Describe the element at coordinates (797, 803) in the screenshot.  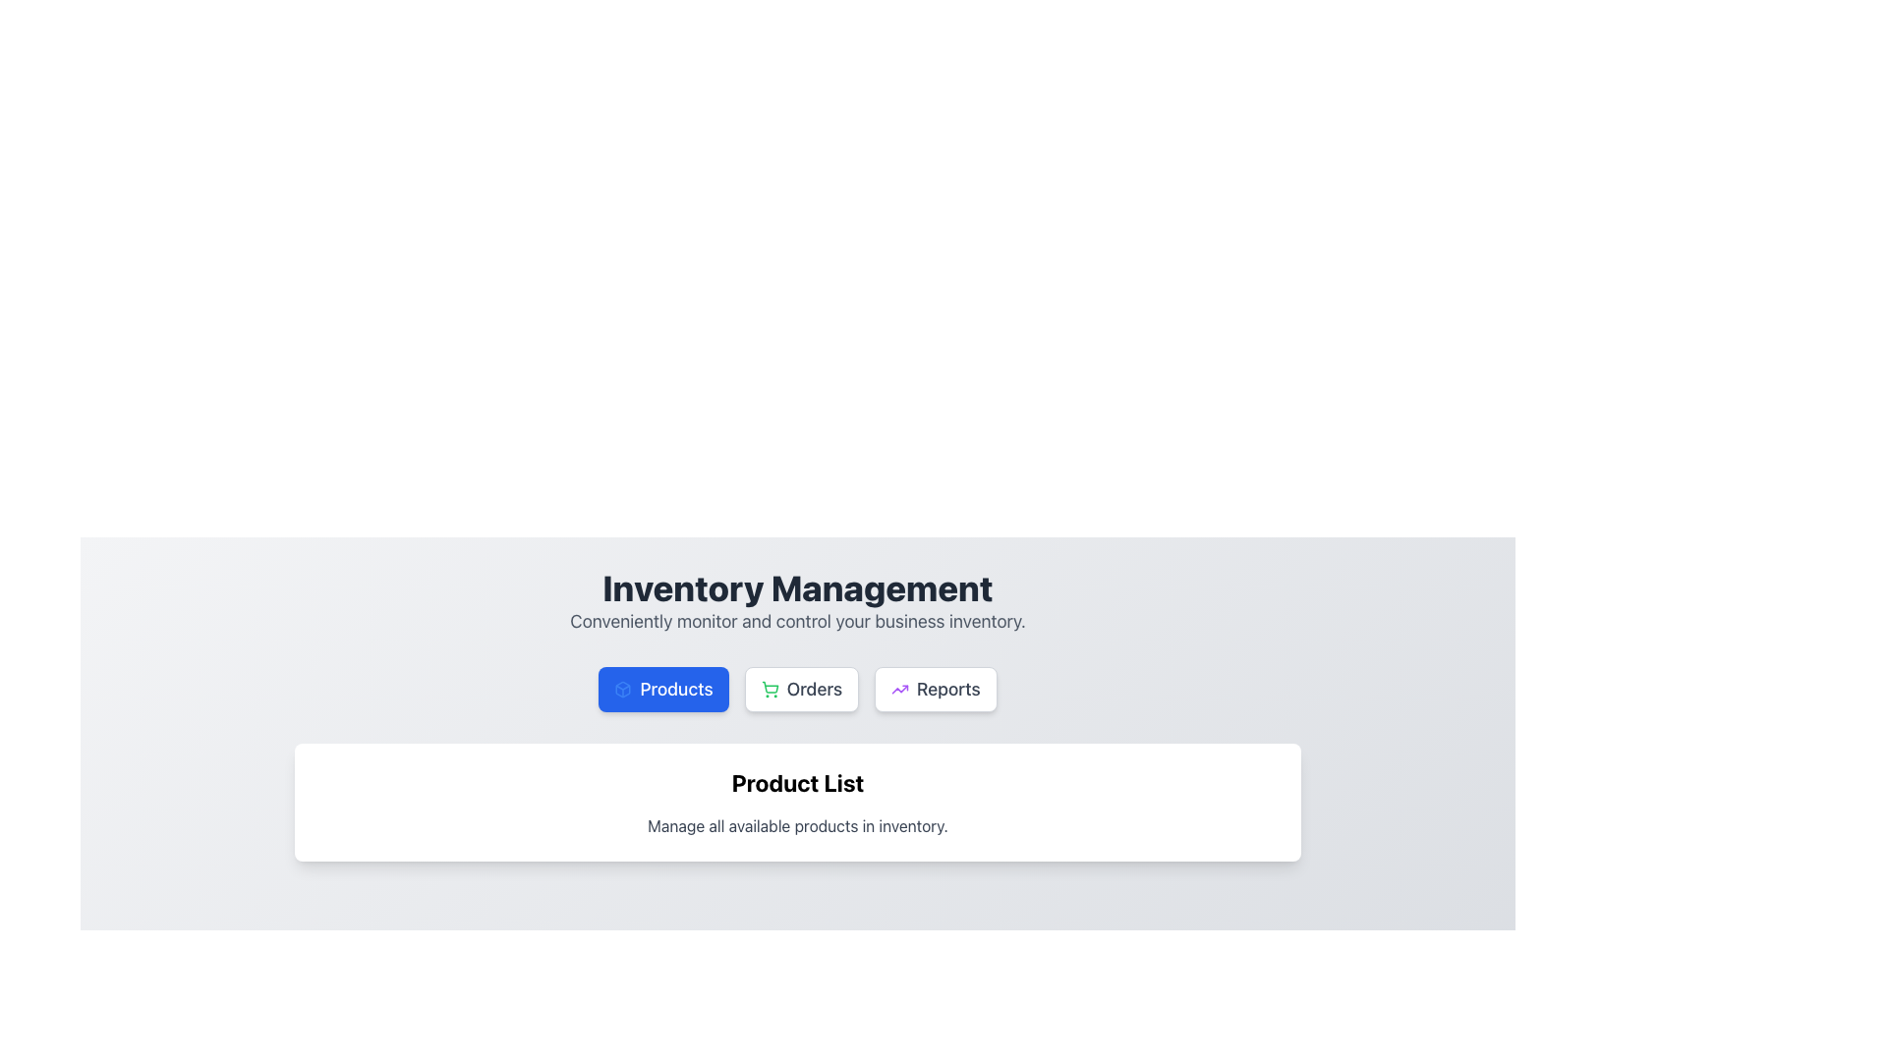
I see `the Textual Header located in the center of the white card, which serves as a heading for the product list section, to potentially reveal a tooltip` at that location.